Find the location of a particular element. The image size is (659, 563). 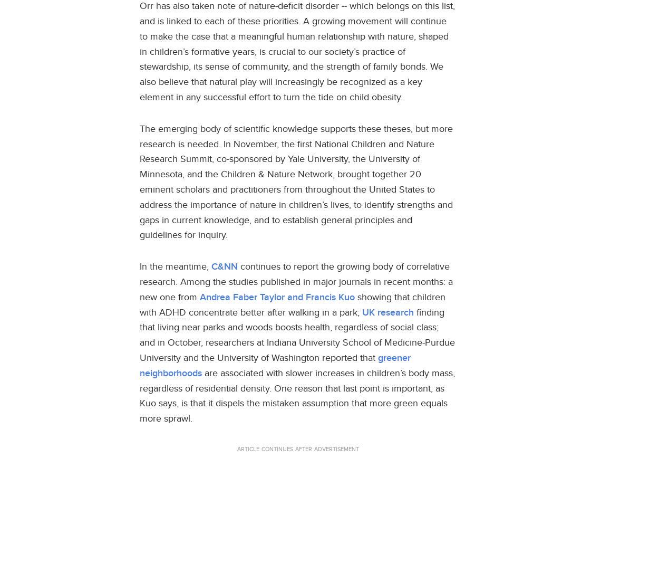

'continues to report the growing body of correlative research. Among the studies published in major journals in recent months: a new one from' is located at coordinates (296, 280).